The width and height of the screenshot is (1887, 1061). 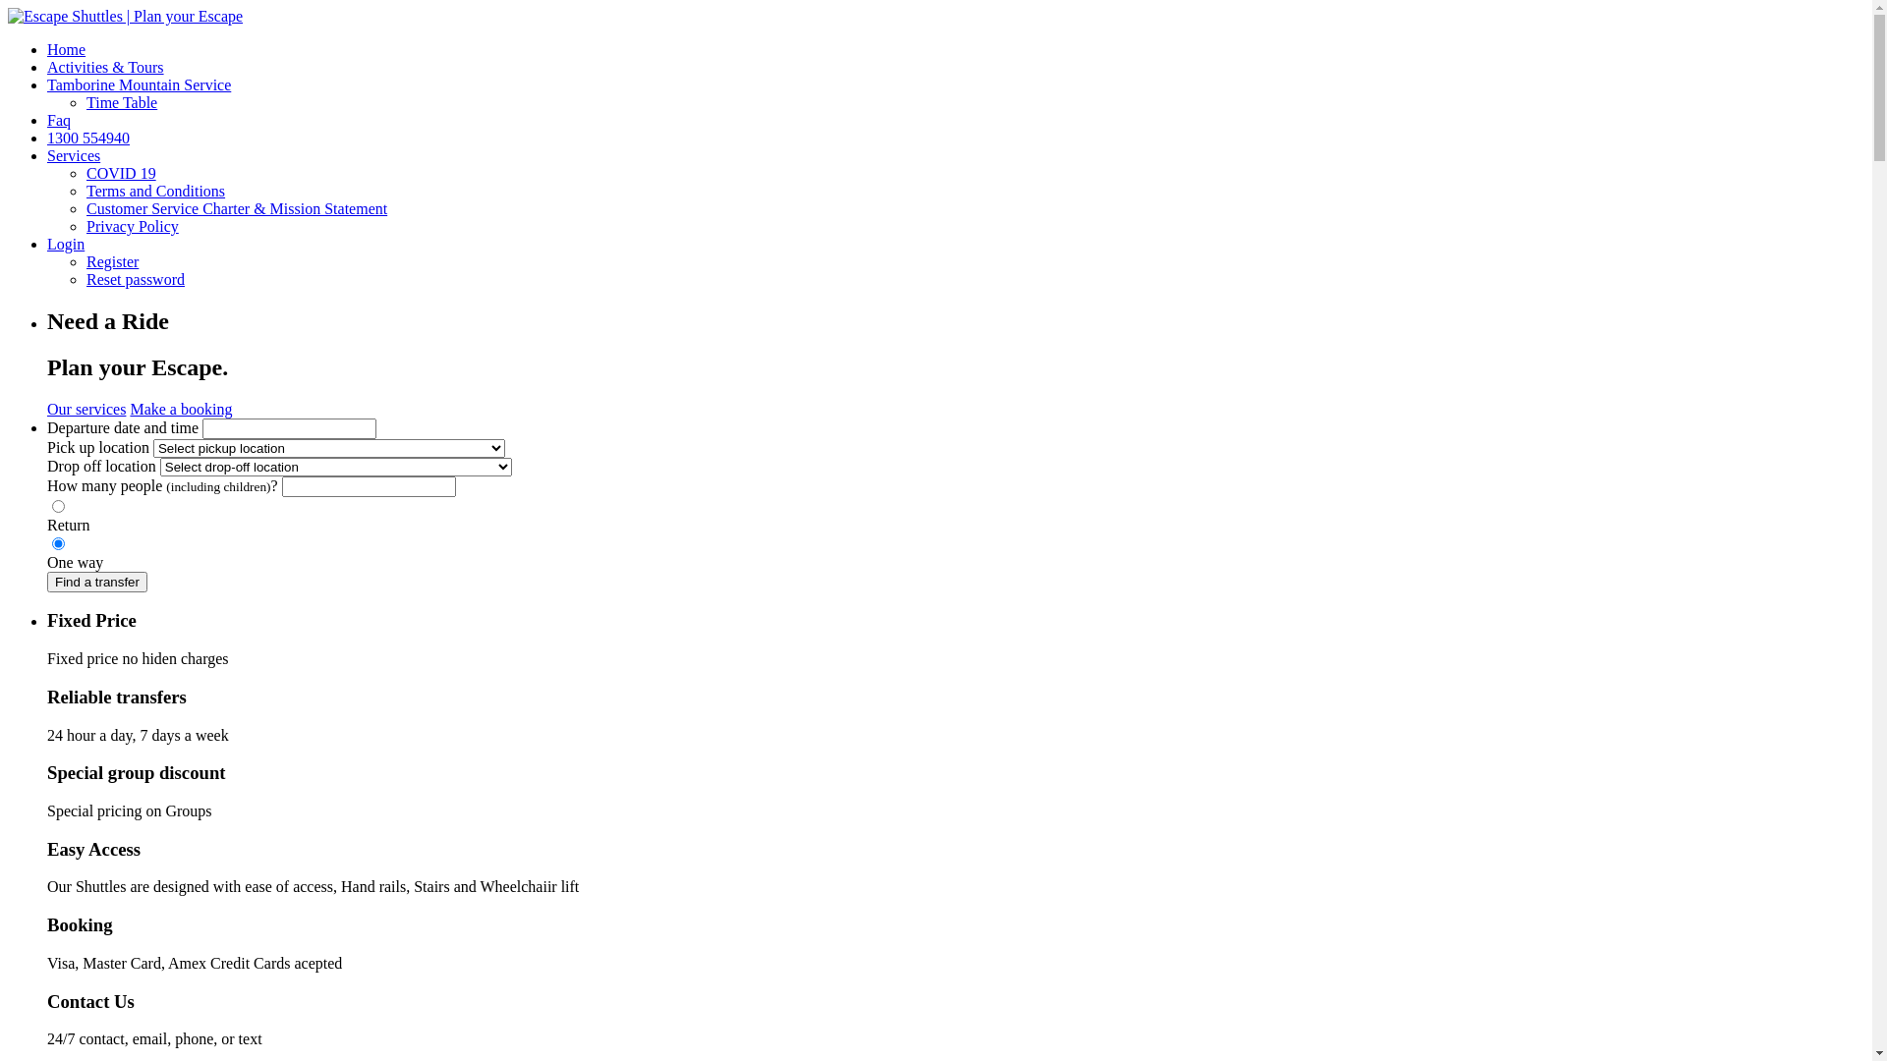 I want to click on 'COVID 19', so click(x=120, y=172).